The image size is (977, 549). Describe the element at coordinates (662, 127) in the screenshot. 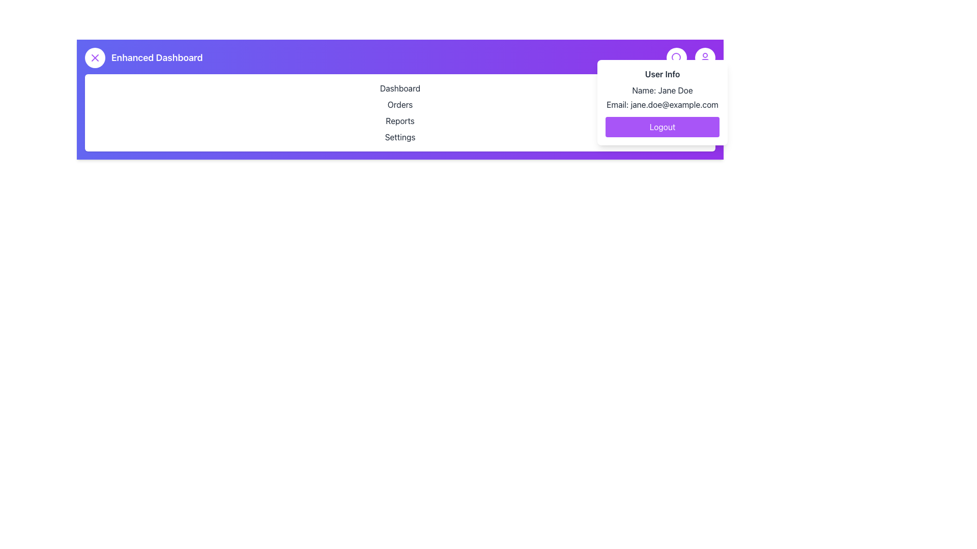

I see `the 'Logout' button, which is a rectangular button with rounded corners, a purple background, and white text, located at the bottom of the 'User Info' card` at that location.